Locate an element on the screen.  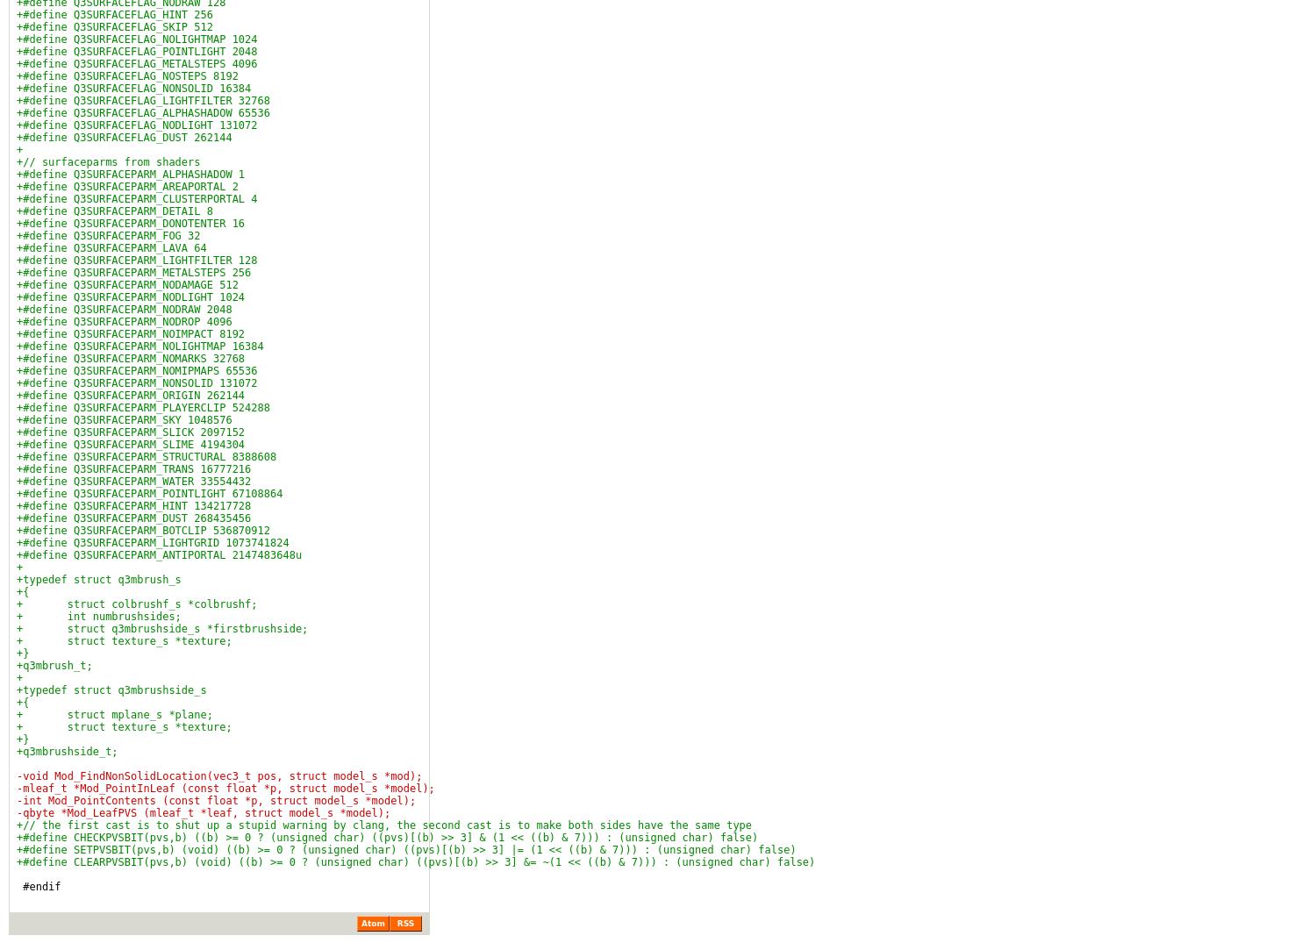
'+#define Q3SURFACEPARM_ANTIPORTAL 2147483648u' is located at coordinates (159, 554).